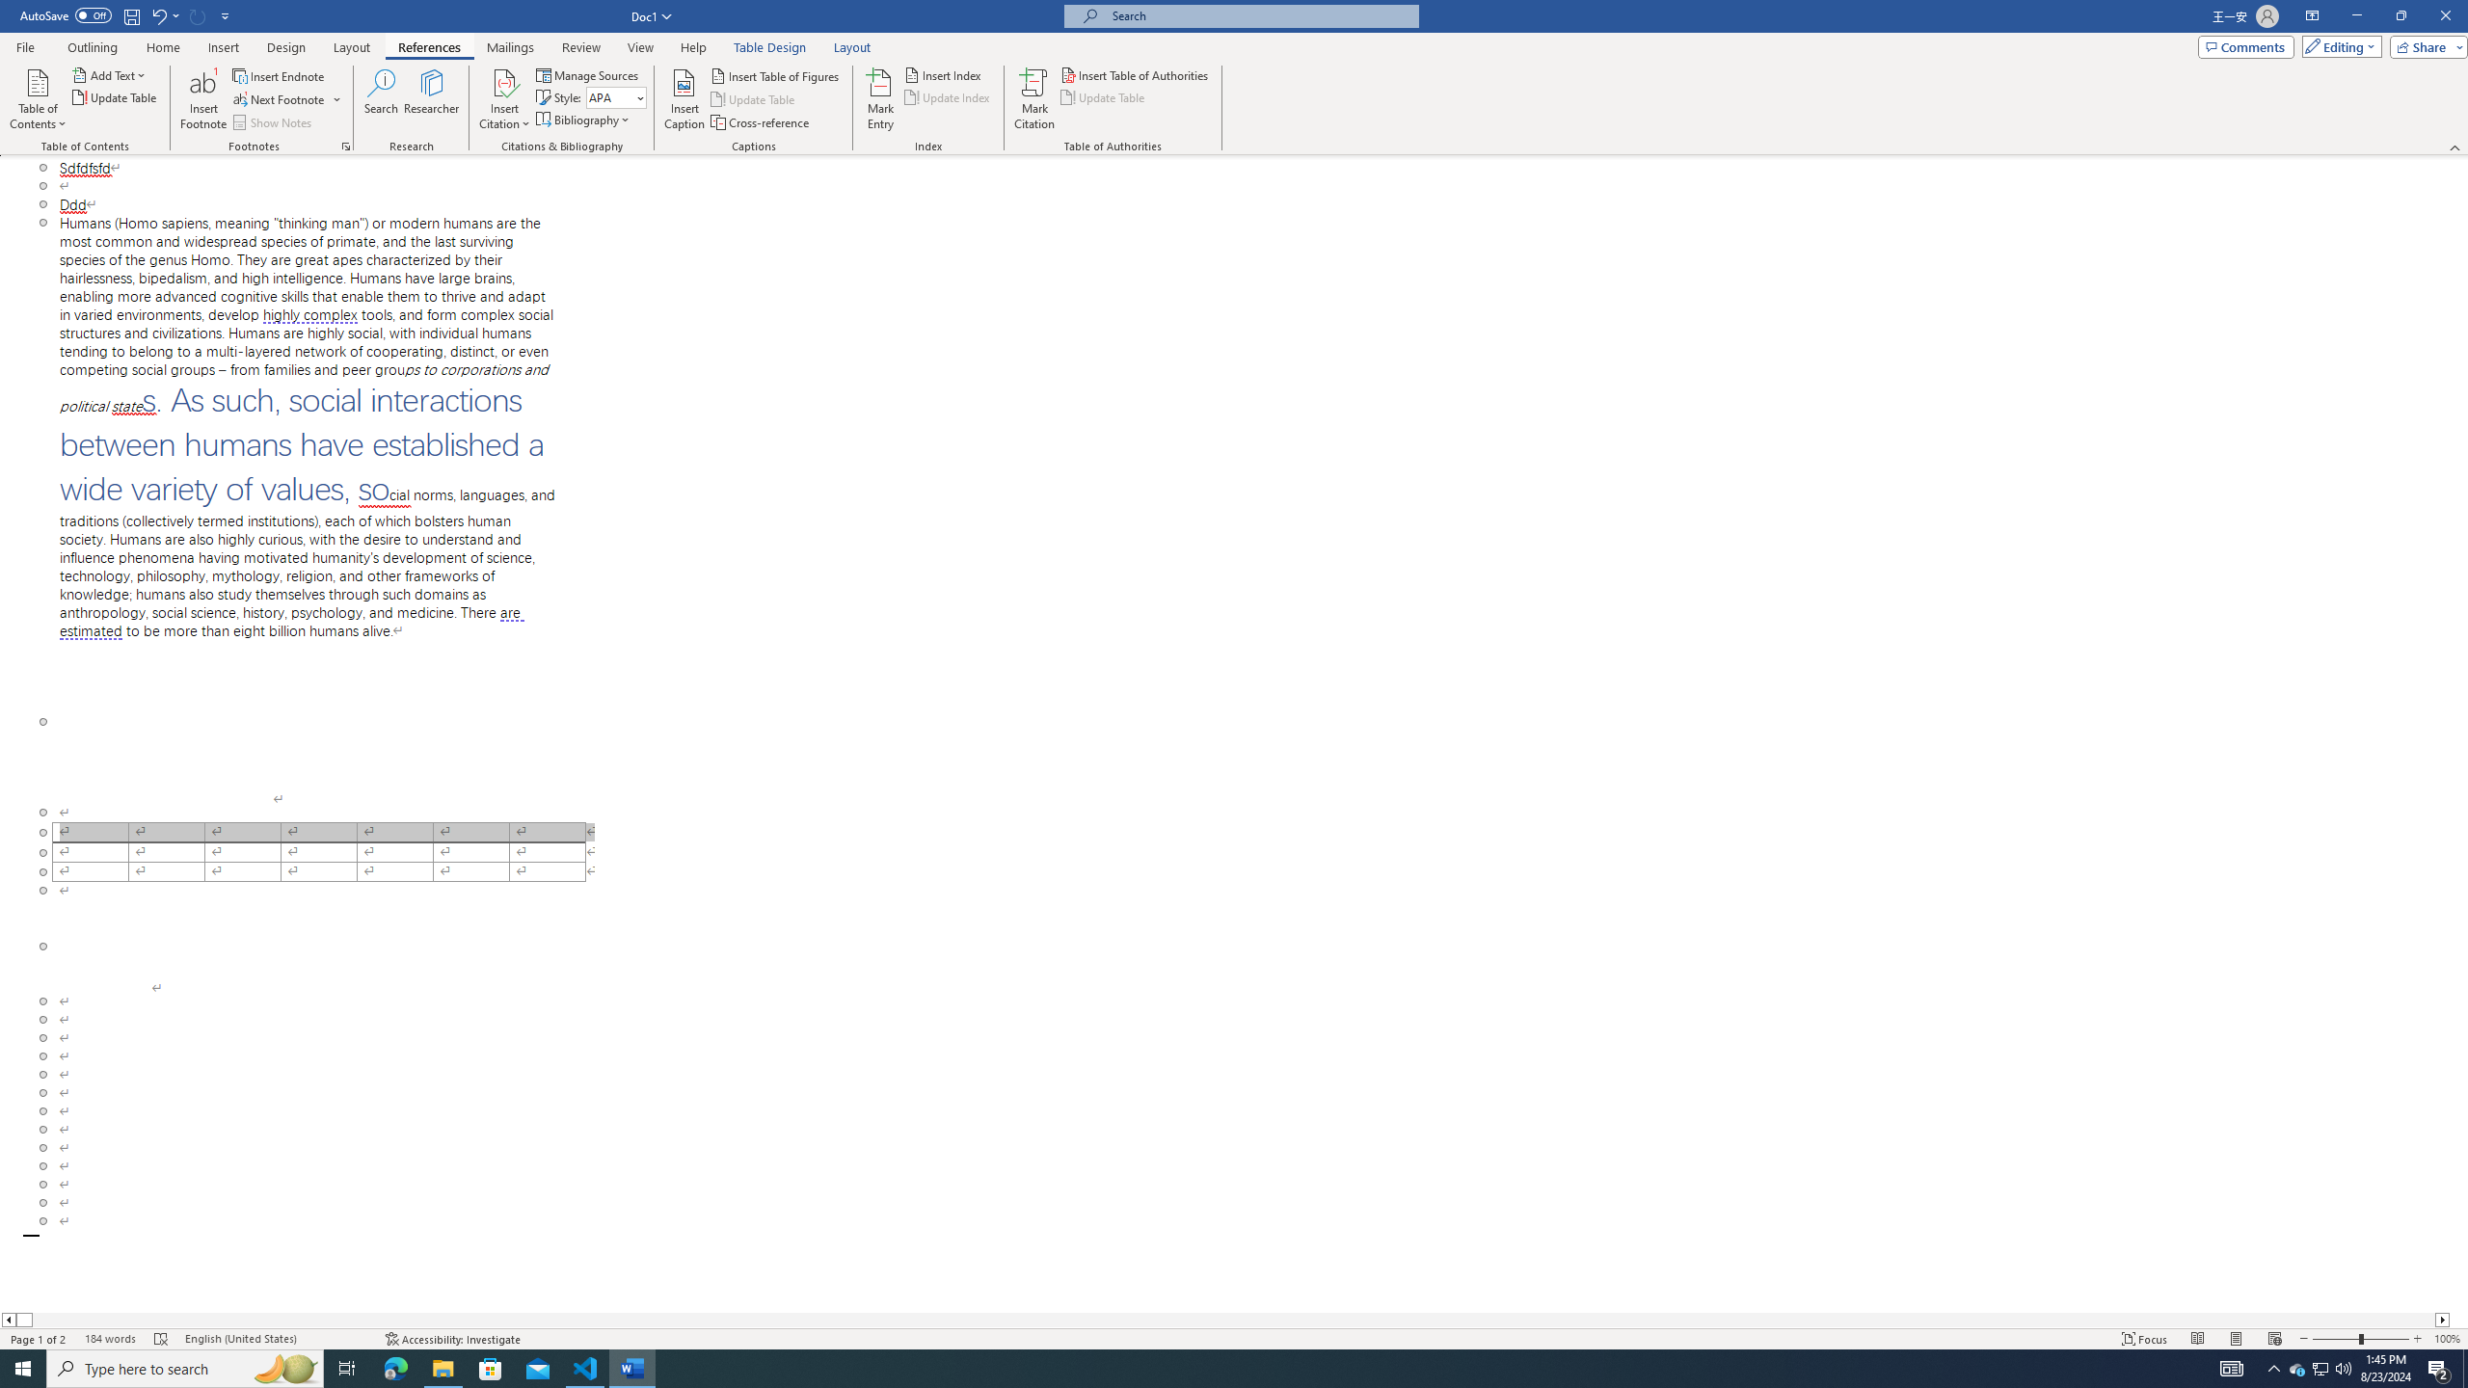 The height and width of the screenshot is (1388, 2468). I want to click on 'Insert Caption...', so click(684, 99).